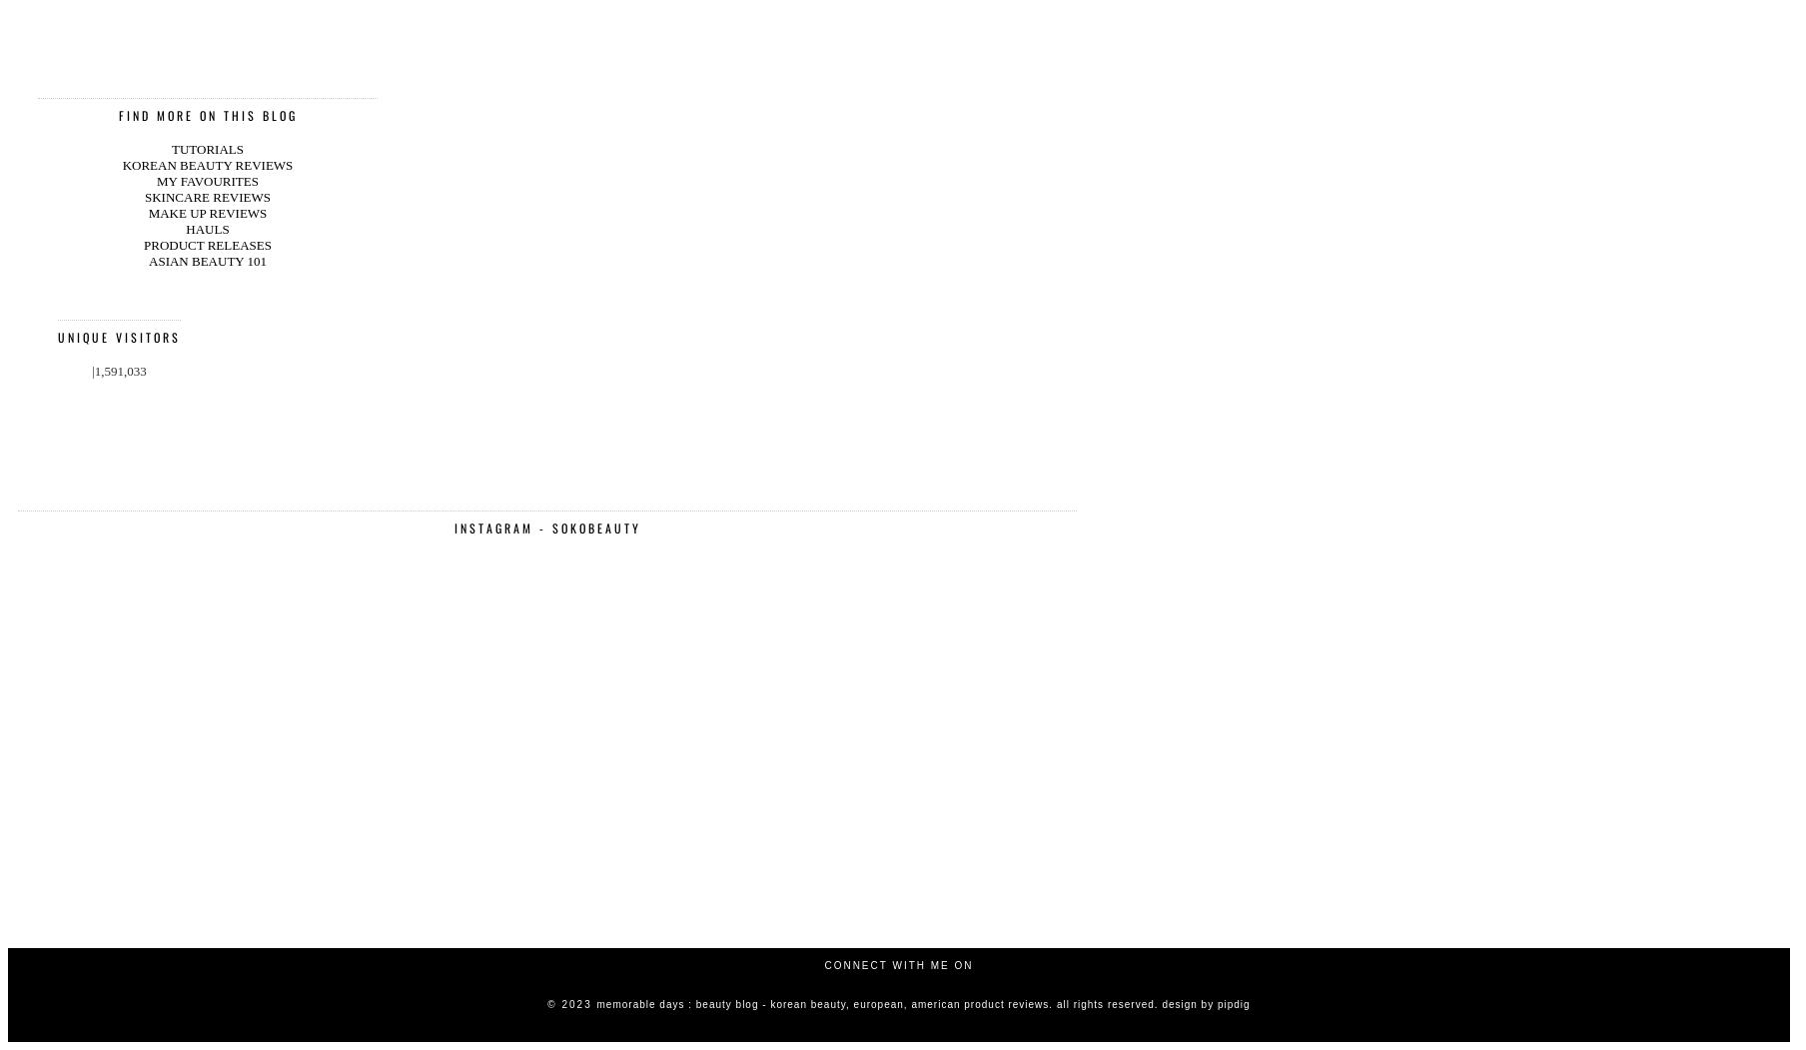 This screenshot has width=1806, height=1050. I want to click on 'Instagram - Sokobeauty', so click(452, 289).